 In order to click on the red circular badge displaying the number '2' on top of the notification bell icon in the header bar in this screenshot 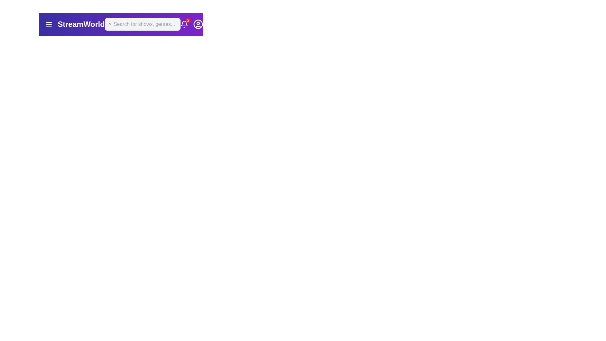, I will do `click(188, 20)`.